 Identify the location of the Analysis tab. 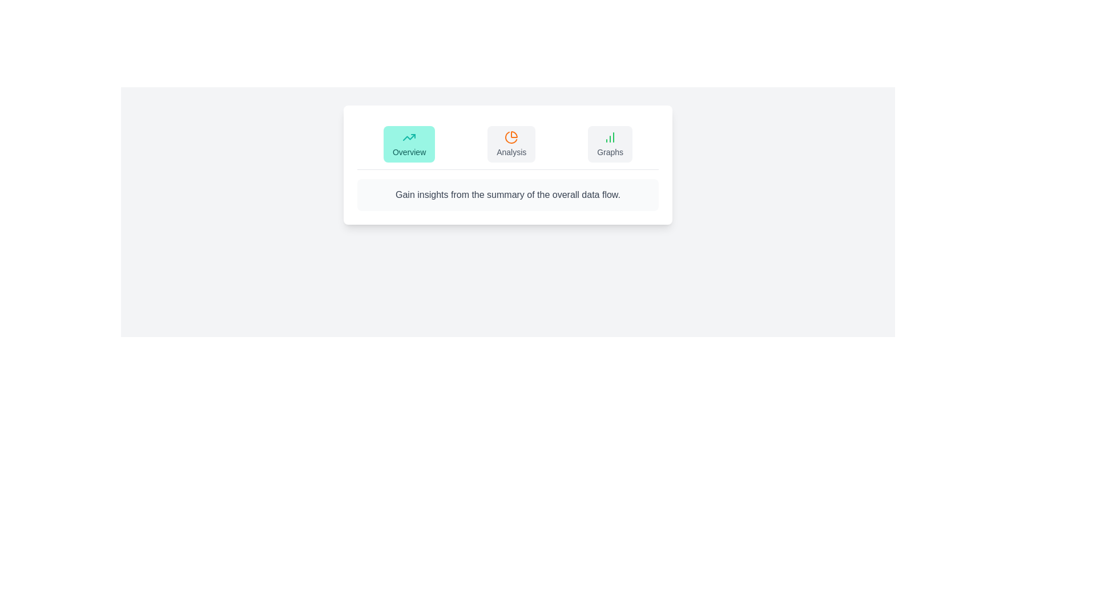
(511, 144).